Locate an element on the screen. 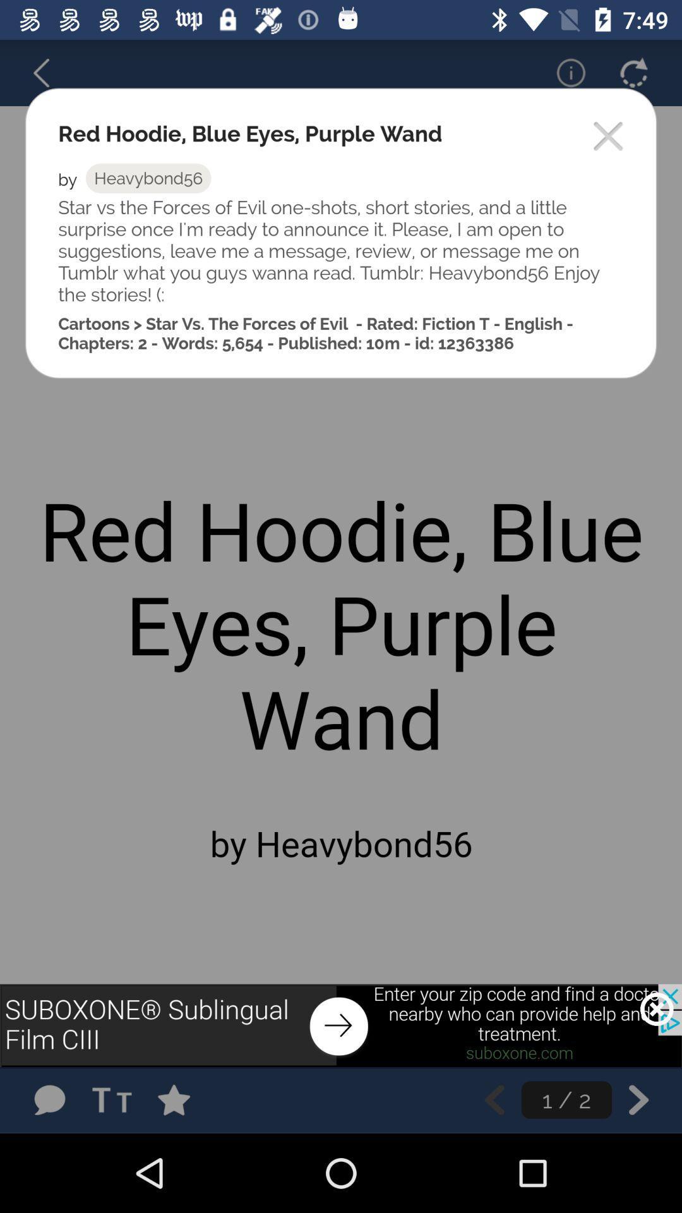 This screenshot has width=682, height=1213. popup is located at coordinates (608, 137).